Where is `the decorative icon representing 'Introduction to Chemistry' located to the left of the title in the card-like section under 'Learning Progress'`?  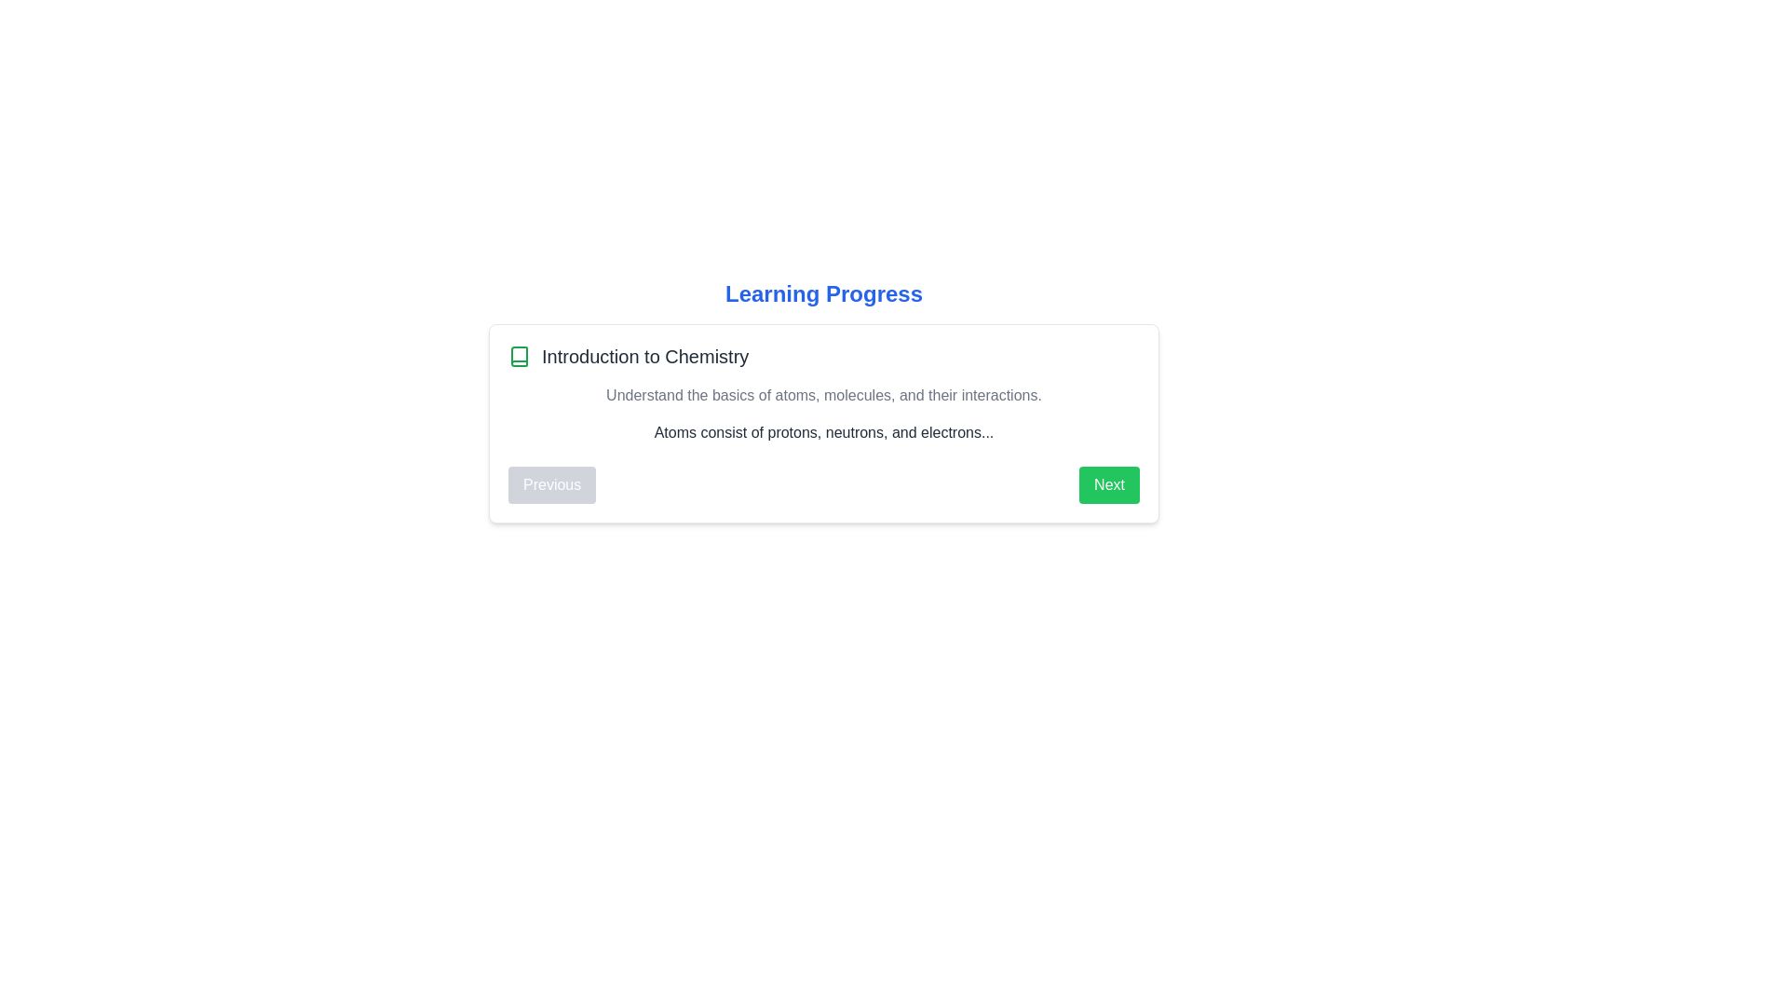 the decorative icon representing 'Introduction to Chemistry' located to the left of the title in the card-like section under 'Learning Progress' is located at coordinates (519, 356).